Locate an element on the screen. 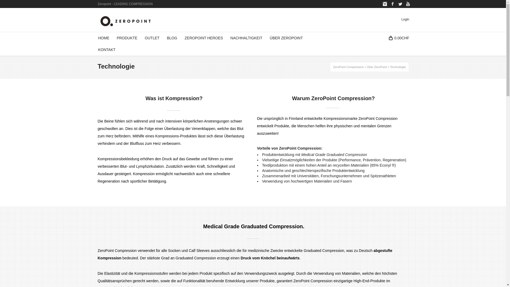  'KONTAKT' is located at coordinates (107, 49).